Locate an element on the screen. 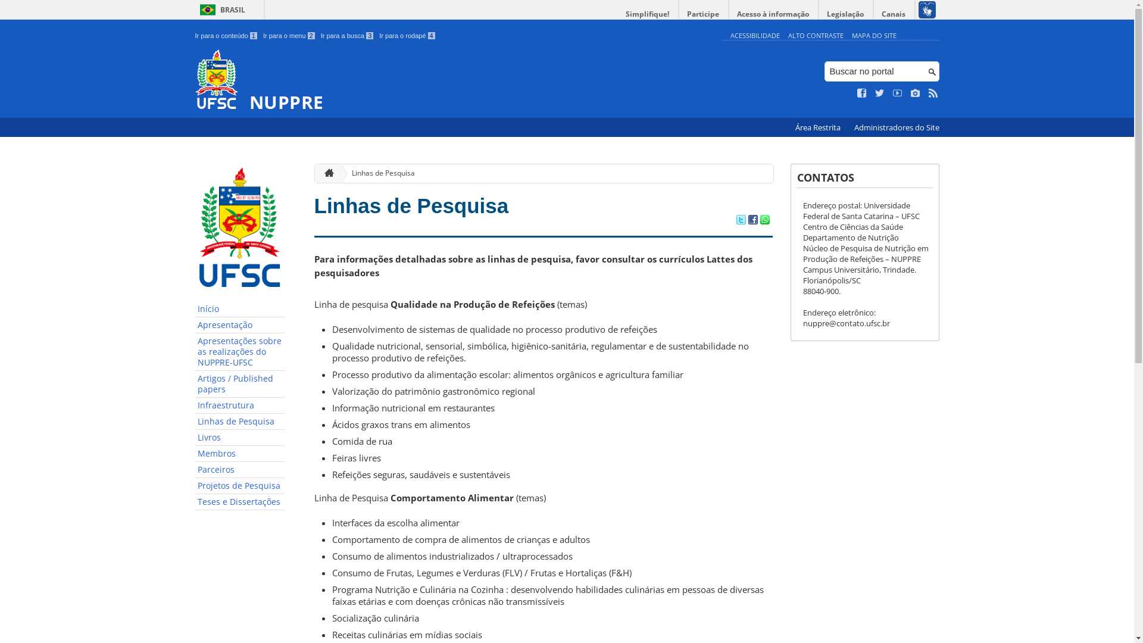 Image resolution: width=1143 pixels, height=643 pixels. 'Canais' is located at coordinates (894, 14).